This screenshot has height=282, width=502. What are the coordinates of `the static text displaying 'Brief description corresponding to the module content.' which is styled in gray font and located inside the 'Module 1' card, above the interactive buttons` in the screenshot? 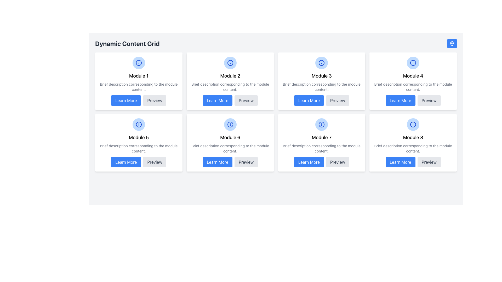 It's located at (139, 86).